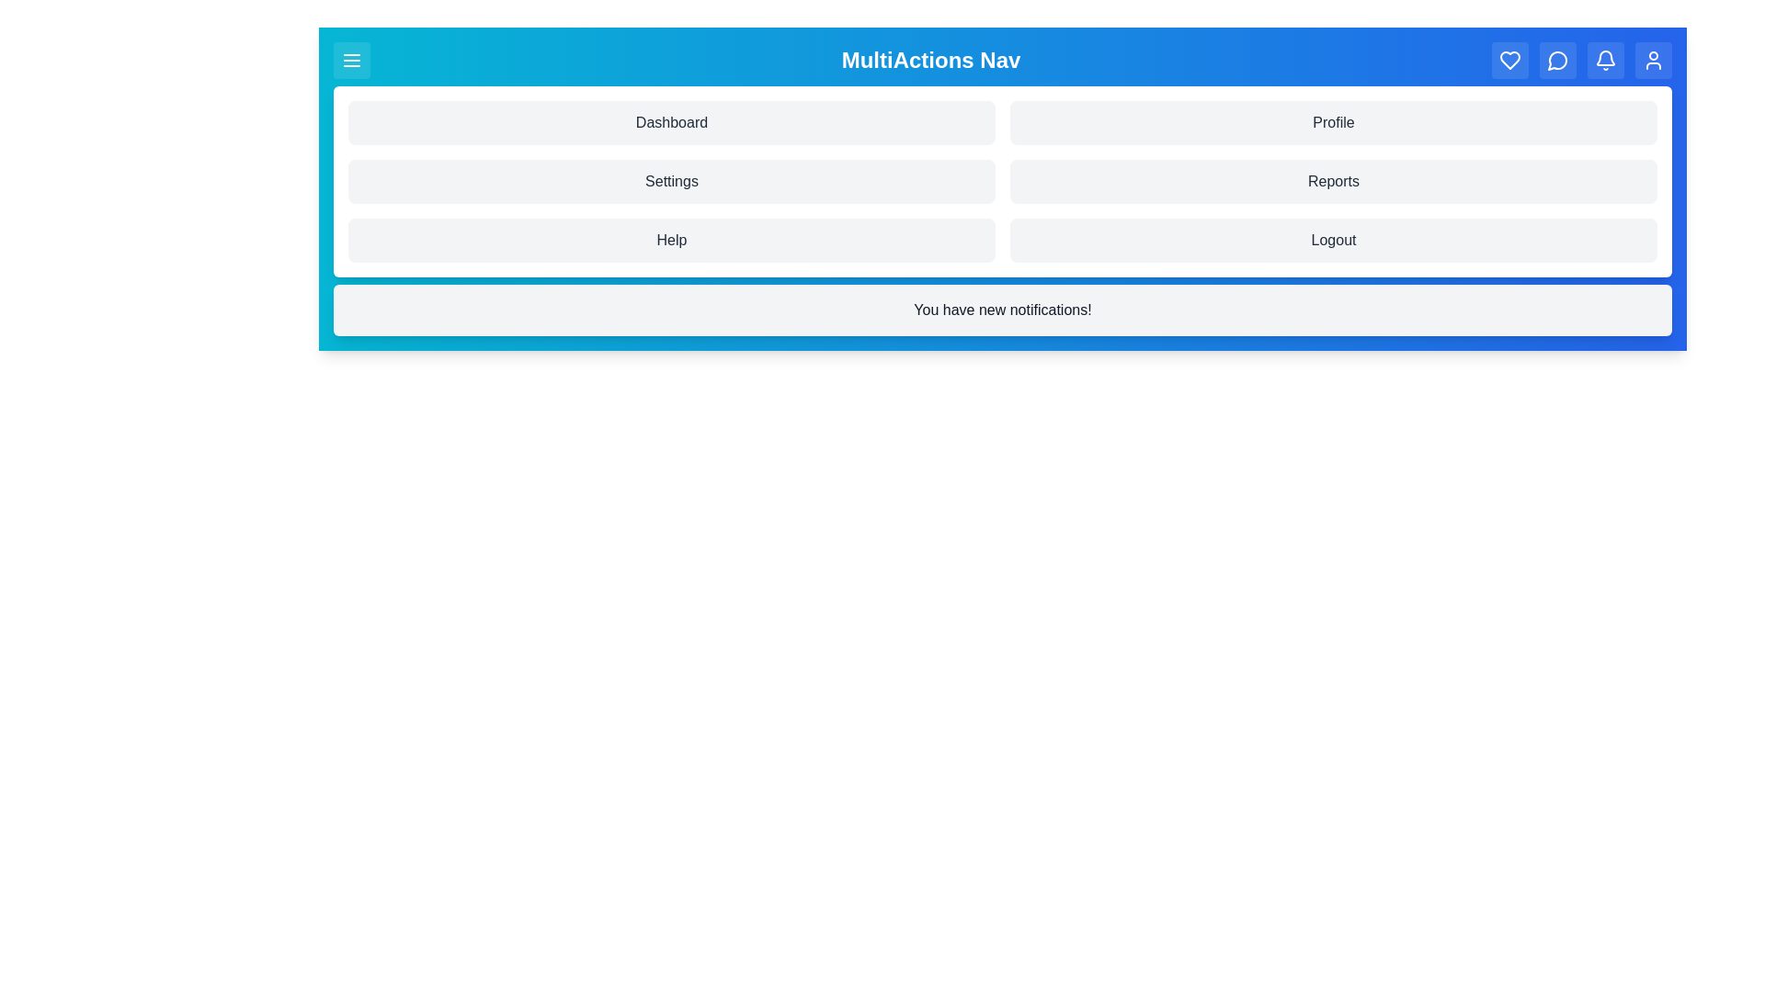 The image size is (1765, 992). Describe the element at coordinates (670, 240) in the screenshot. I see `the menu item labeled Help` at that location.